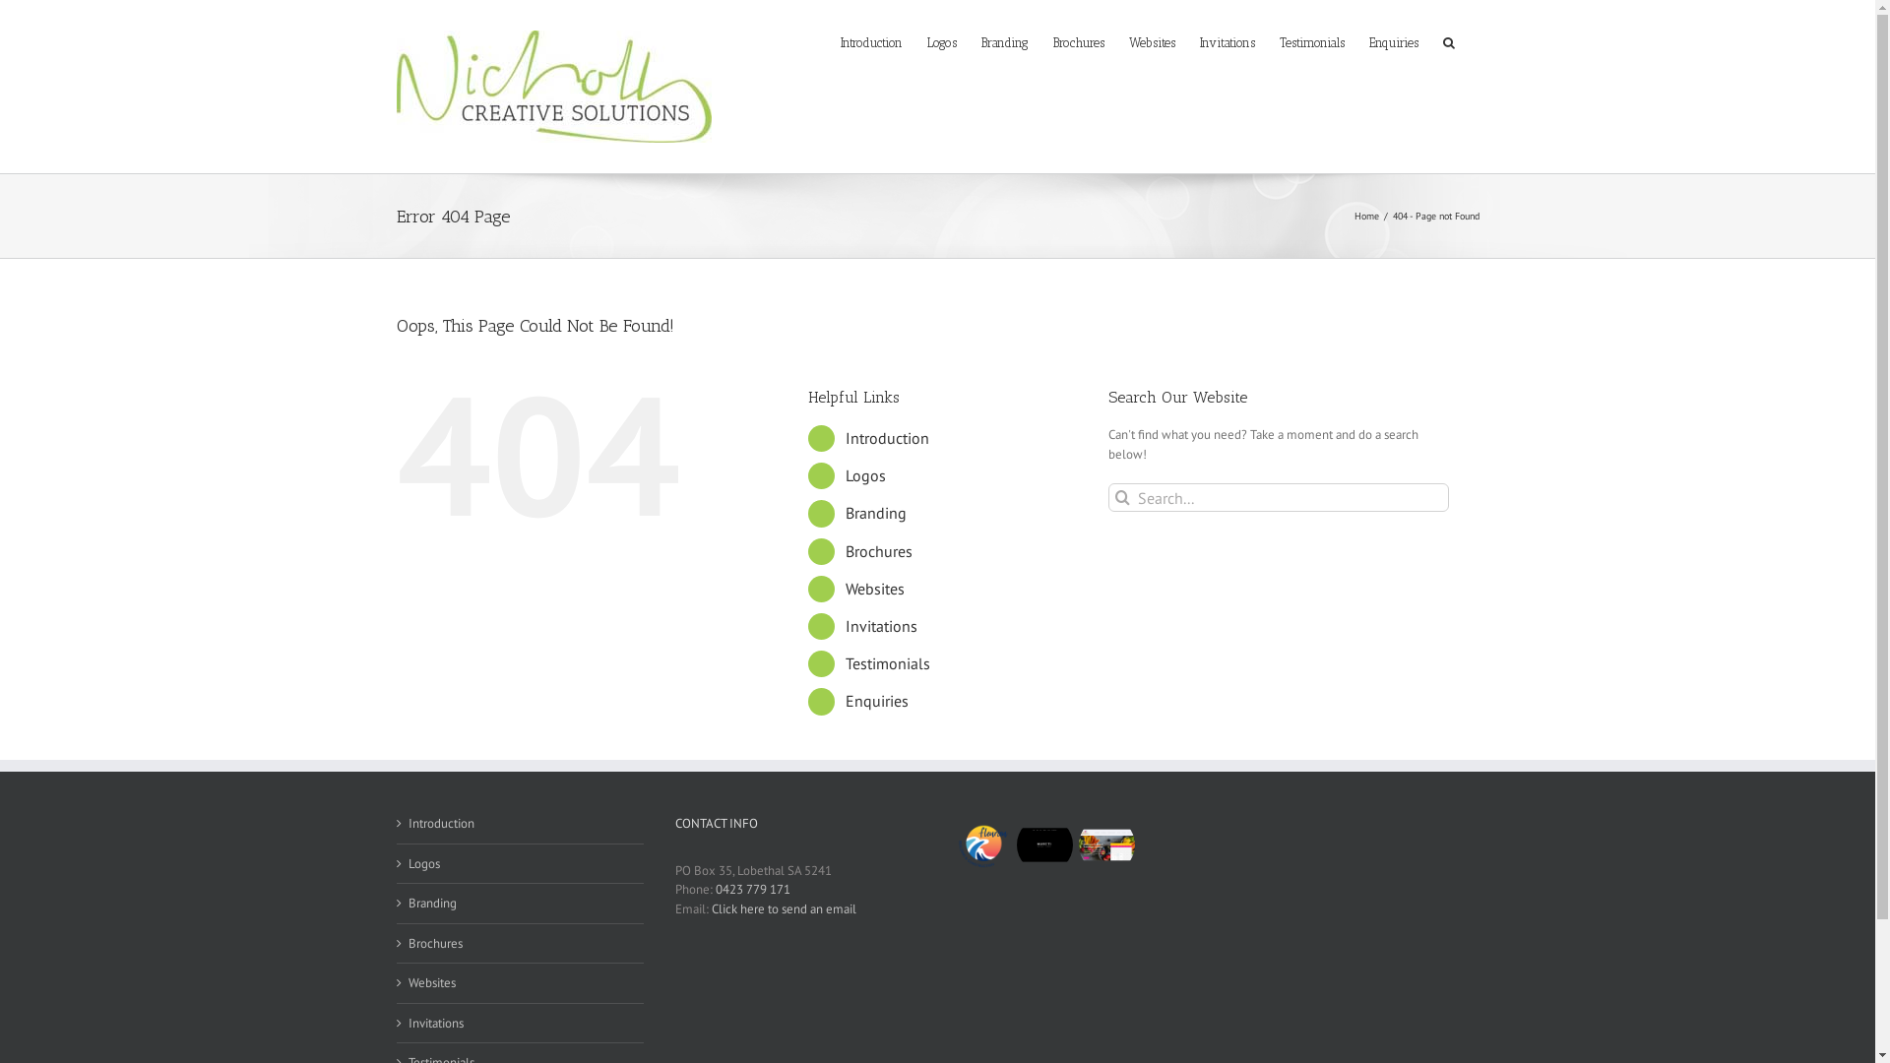  I want to click on 'Mureti Boutique', so click(1016, 844).